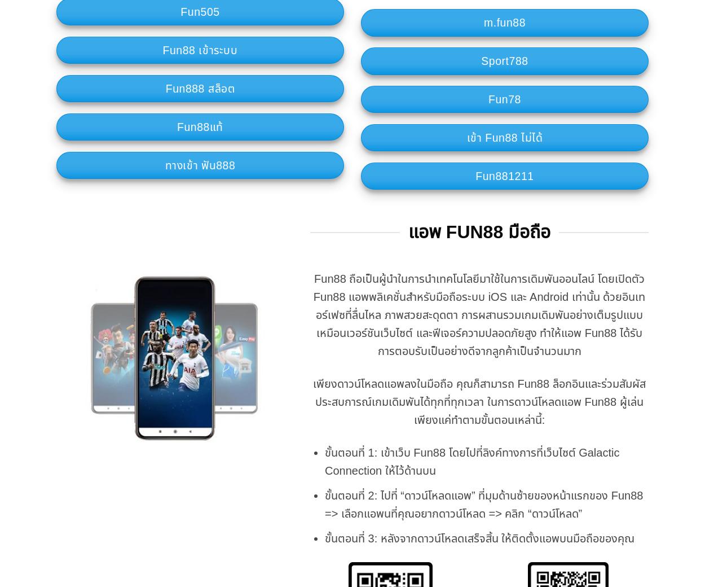 The height and width of the screenshot is (587, 705). Describe the element at coordinates (483, 503) in the screenshot. I see `'ขั้นตอนที่ 2: ไปที่ “ดาวน์โหลดแอพ” ที่มุมด้านซ้ายของหน้าแรกของ Fun88 => เลือกแอพนที่คุณอยากดาวน์โหลด => คลิก “ดาวน์โหลด”'` at that location.